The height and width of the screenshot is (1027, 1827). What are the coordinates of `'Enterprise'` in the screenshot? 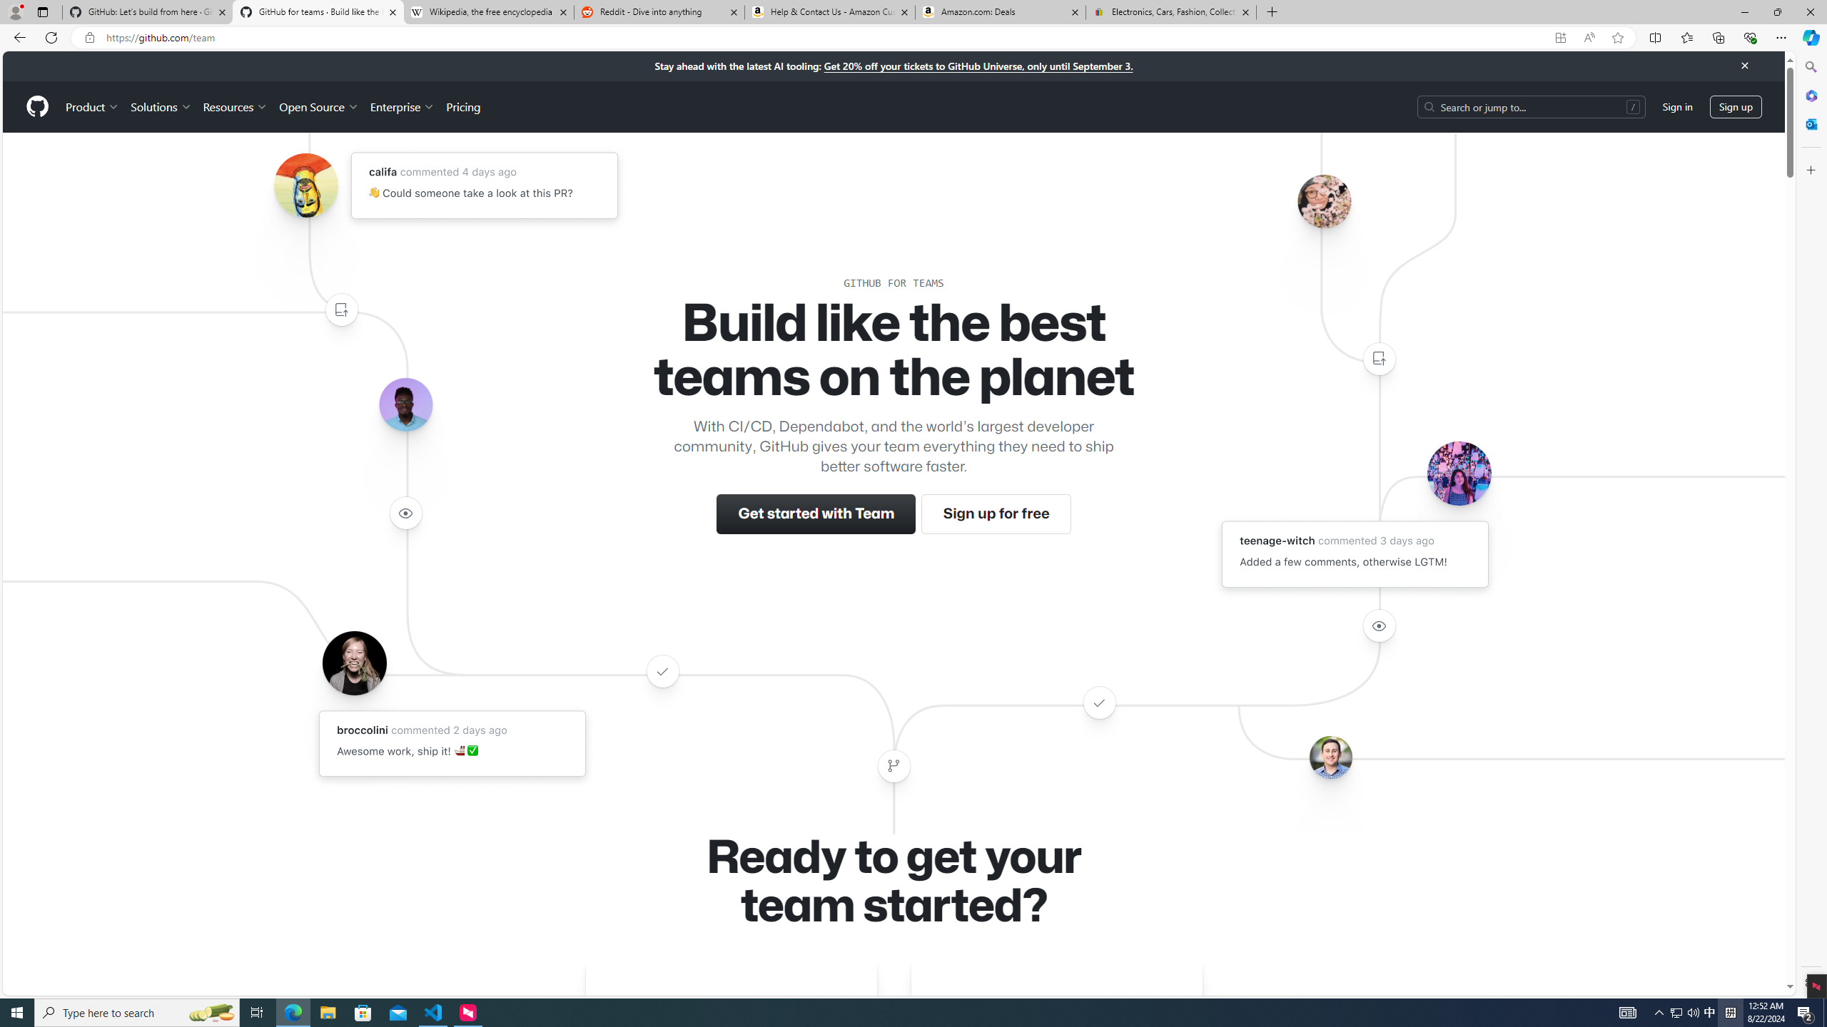 It's located at (401, 106).